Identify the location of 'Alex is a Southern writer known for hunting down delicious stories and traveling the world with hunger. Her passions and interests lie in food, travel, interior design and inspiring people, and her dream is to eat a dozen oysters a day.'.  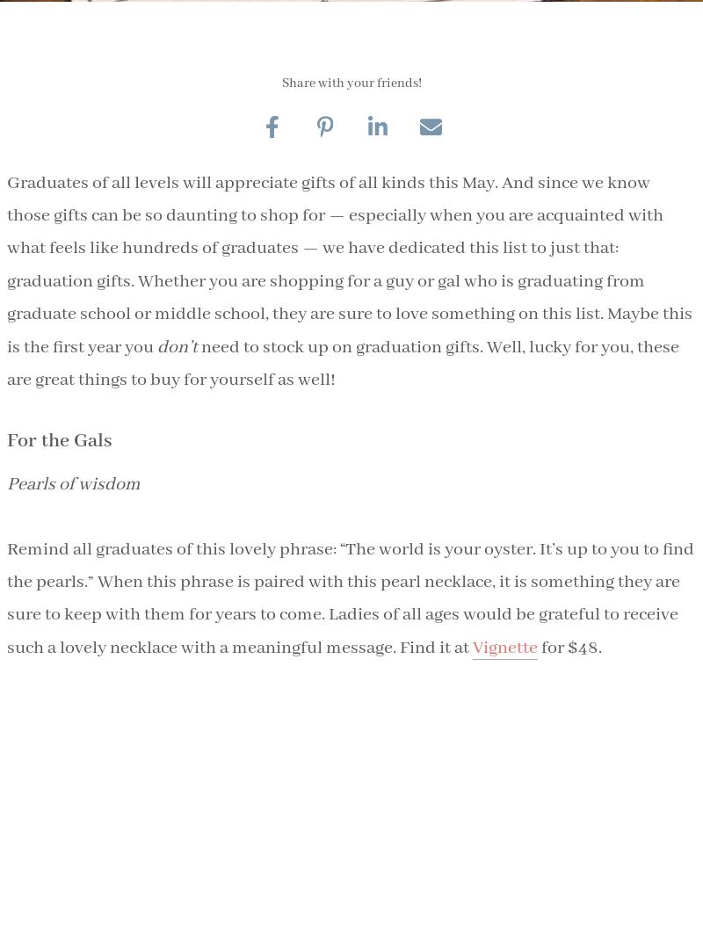
(405, 35).